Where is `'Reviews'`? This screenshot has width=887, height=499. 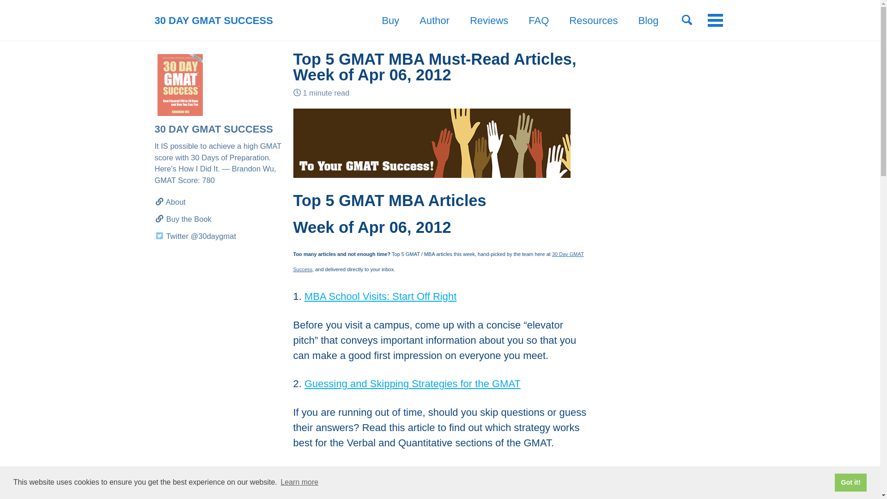
'Reviews' is located at coordinates (488, 20).